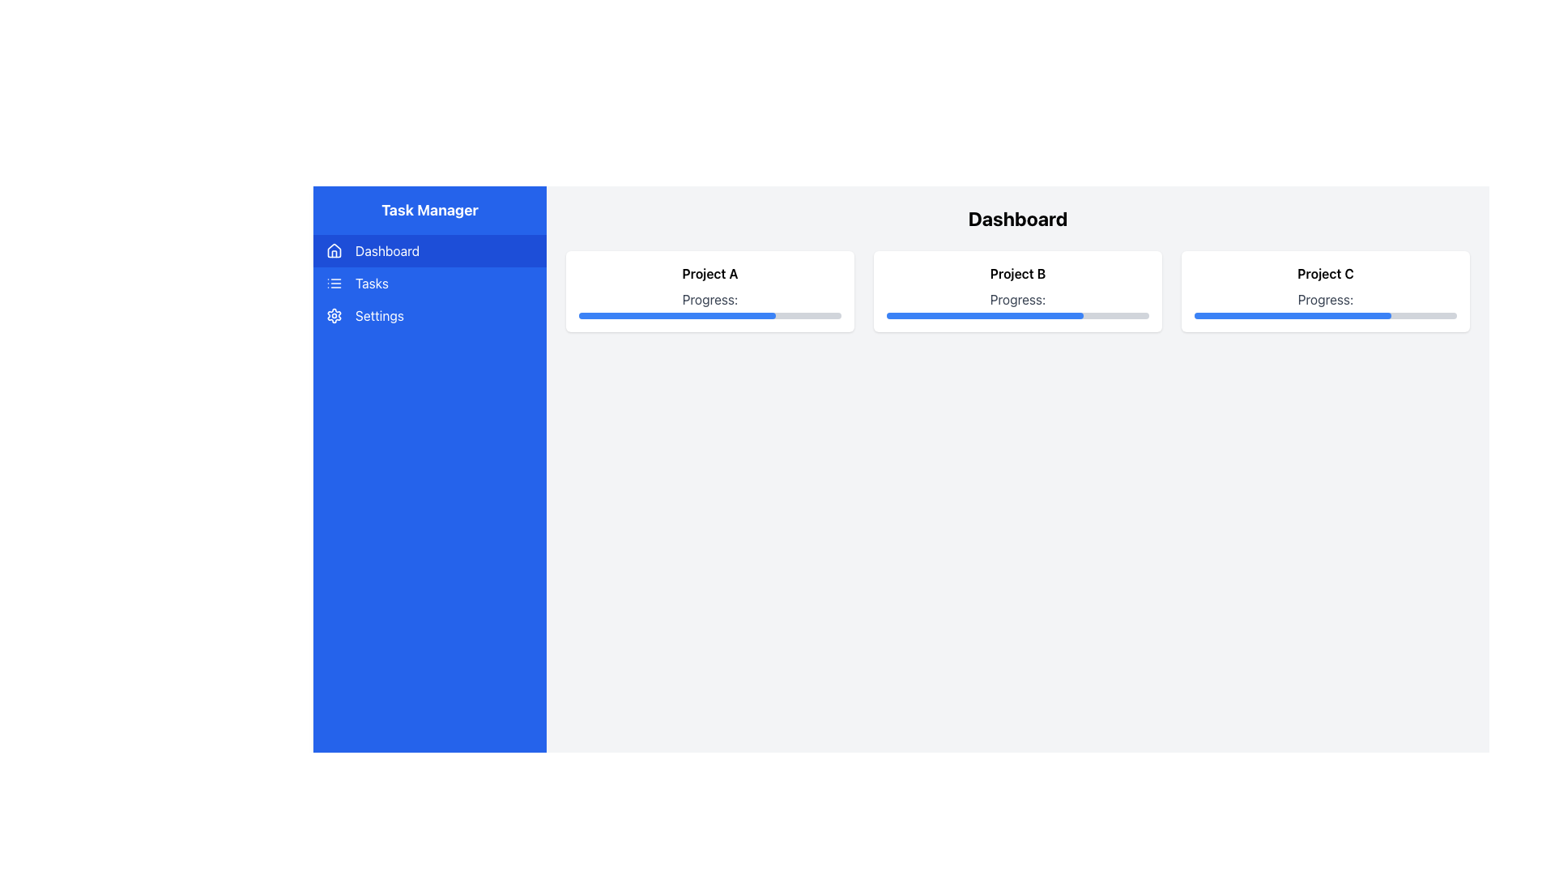 This screenshot has height=875, width=1555. I want to click on the horizontal progress bar located within the card labeled 'Project C' in the dashboard interface, which shows progress with a blue segment on a light gray background, so click(1325, 315).